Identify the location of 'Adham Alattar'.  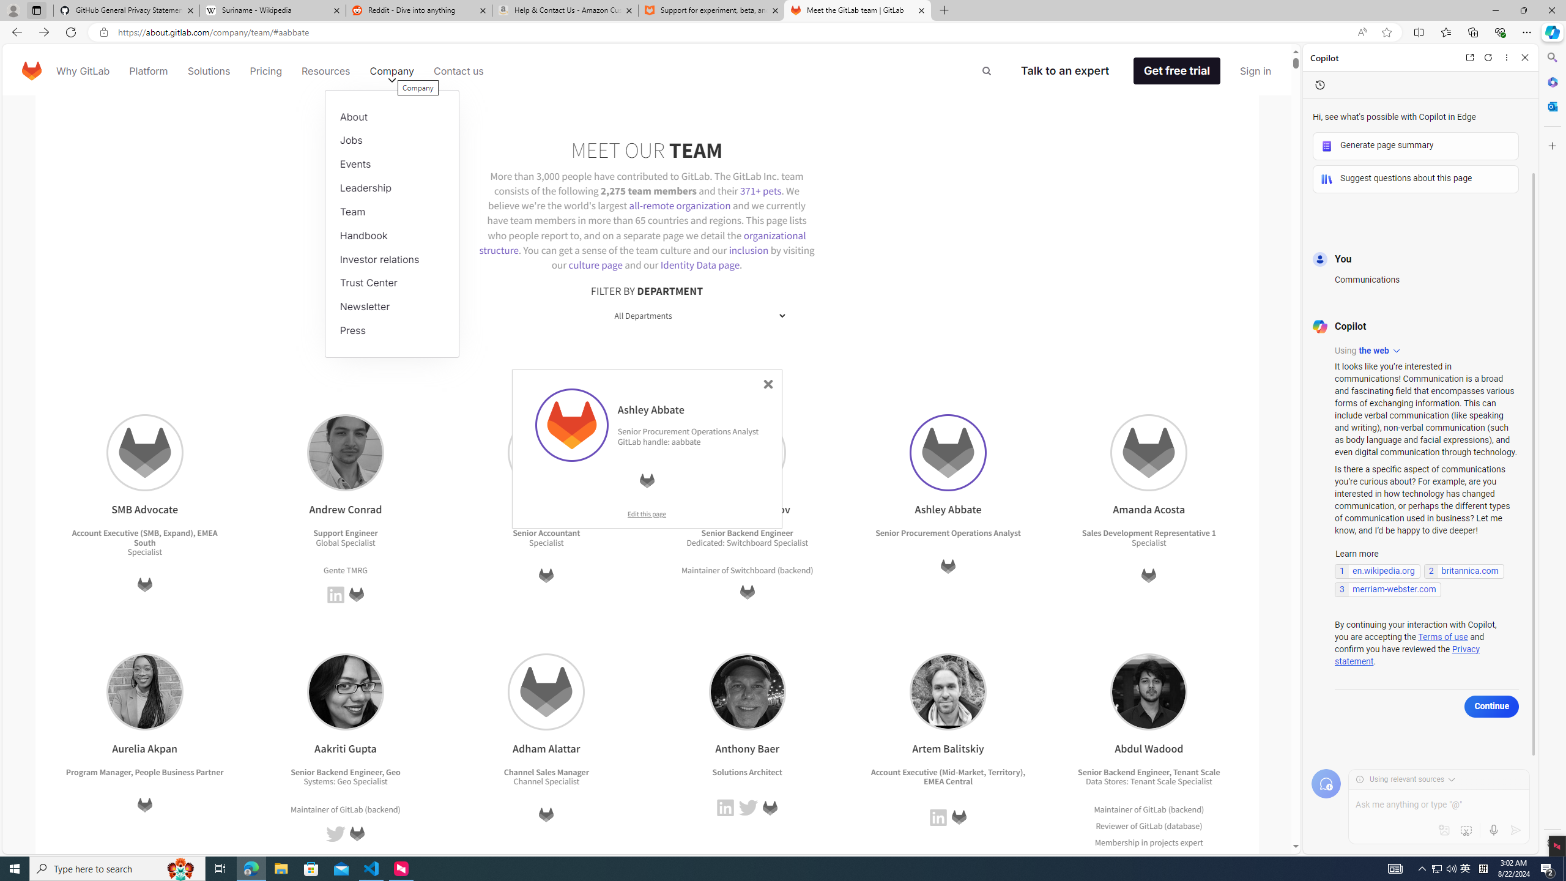
(546, 691).